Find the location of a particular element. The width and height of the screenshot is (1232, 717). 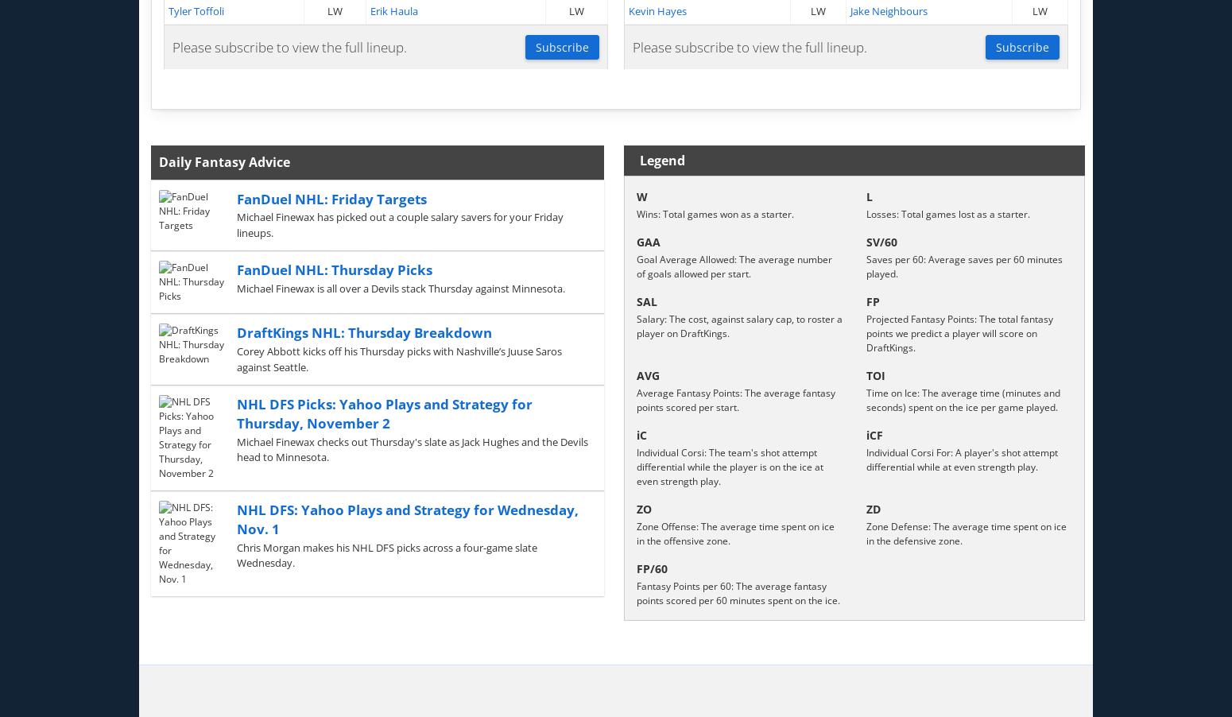

'Michael Finewax is all over a Devils stack Thursday against Minnesota.' is located at coordinates (399, 287).